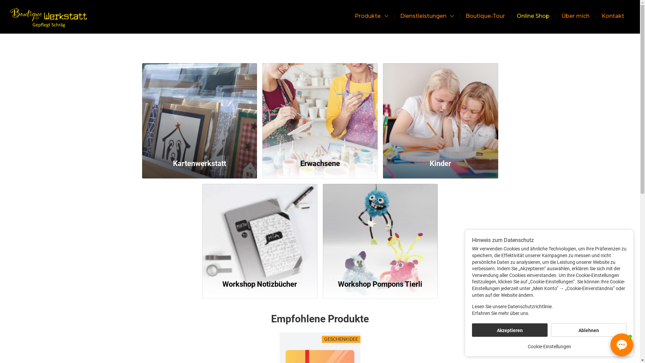 The width and height of the screenshot is (645, 363). What do you see at coordinates (510, 330) in the screenshot?
I see `'Akzeptieren'` at bounding box center [510, 330].